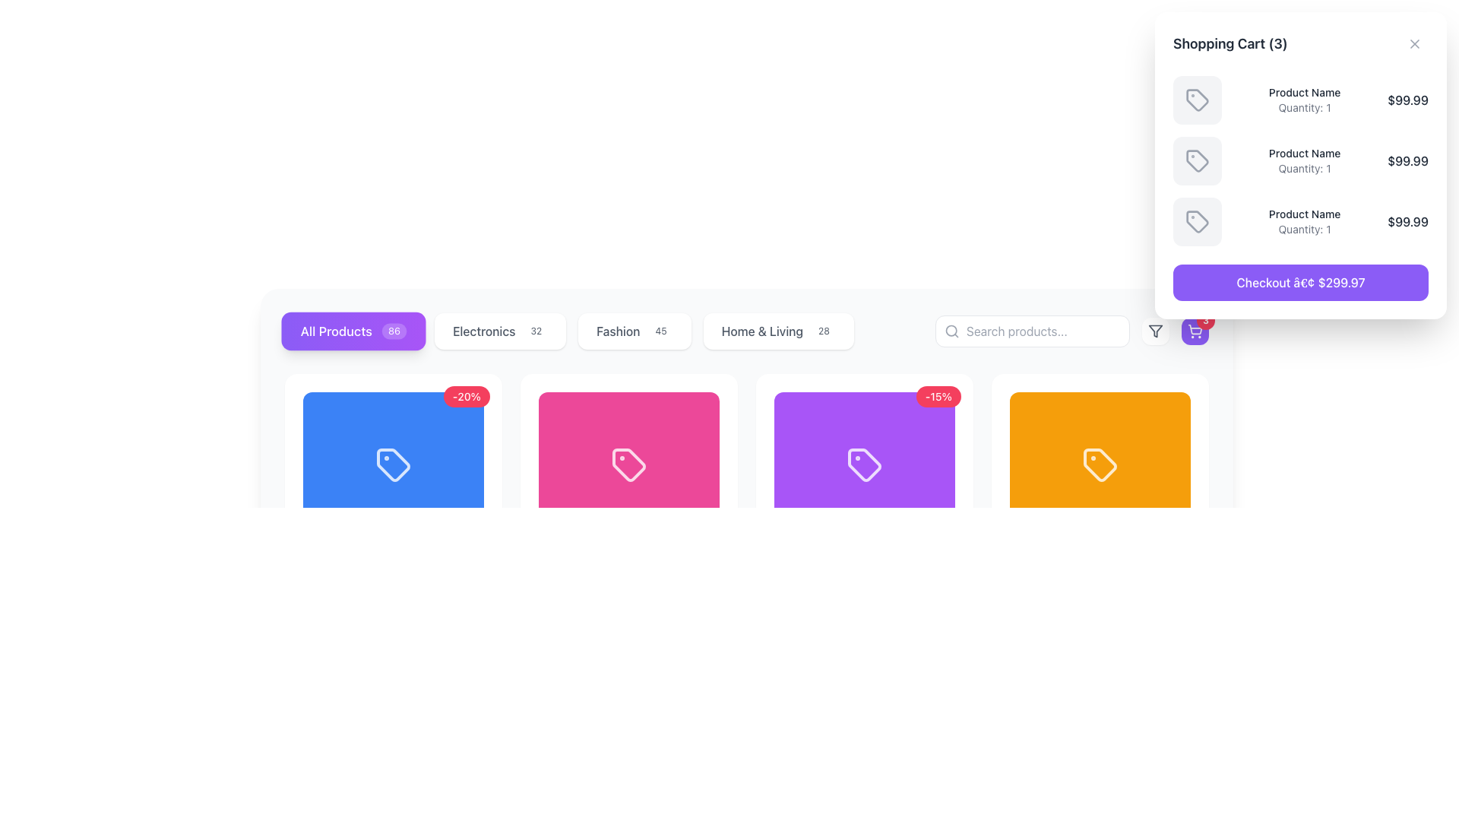  What do you see at coordinates (1407, 222) in the screenshot?
I see `the static text element displaying the price '$99.99' in the shopping cart, which is styled with a prominent font weight and dark-gray color` at bounding box center [1407, 222].